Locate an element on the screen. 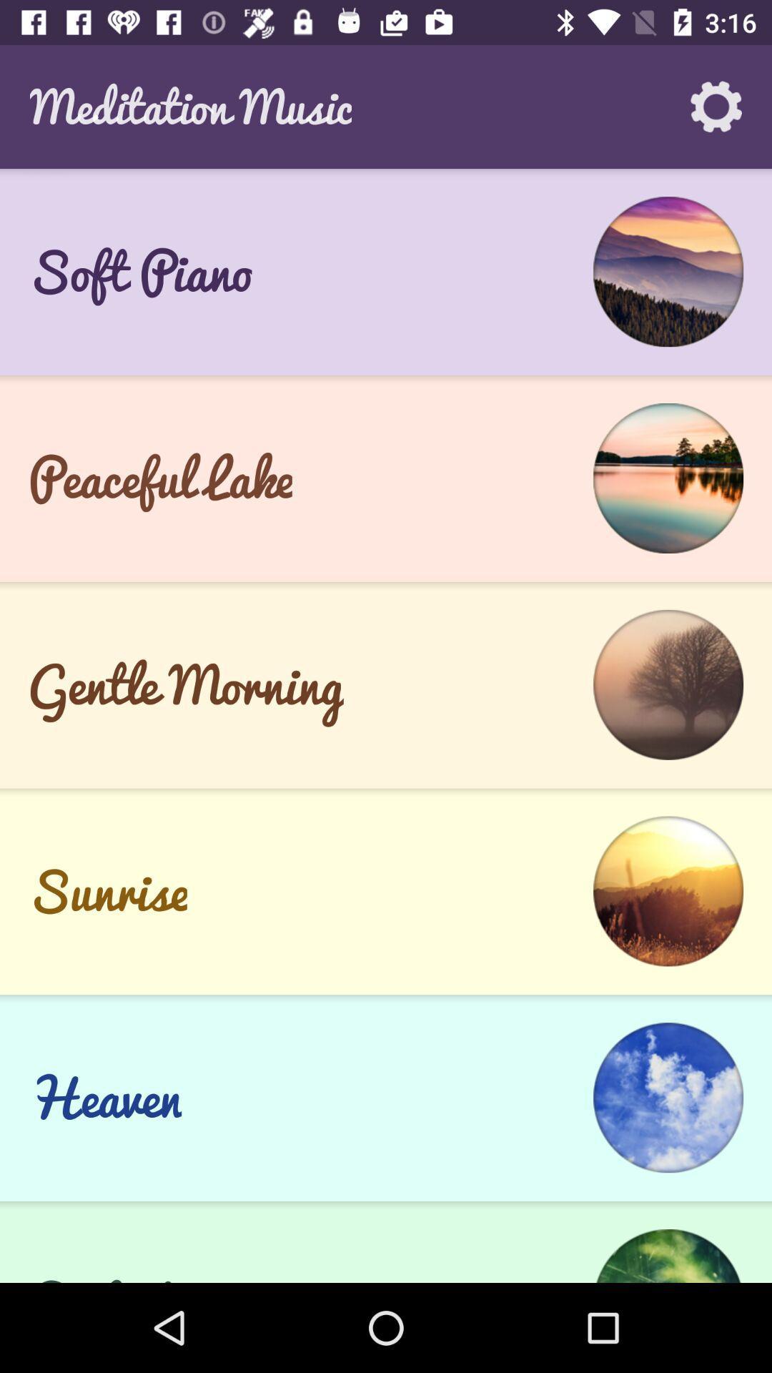 The image size is (772, 1373). the app to the right of meditation music is located at coordinates (716, 106).